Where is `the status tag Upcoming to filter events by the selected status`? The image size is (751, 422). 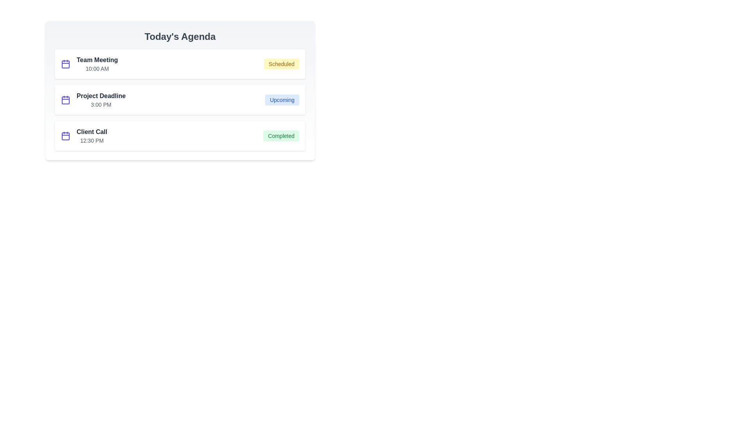
the status tag Upcoming to filter events by the selected status is located at coordinates (282, 99).